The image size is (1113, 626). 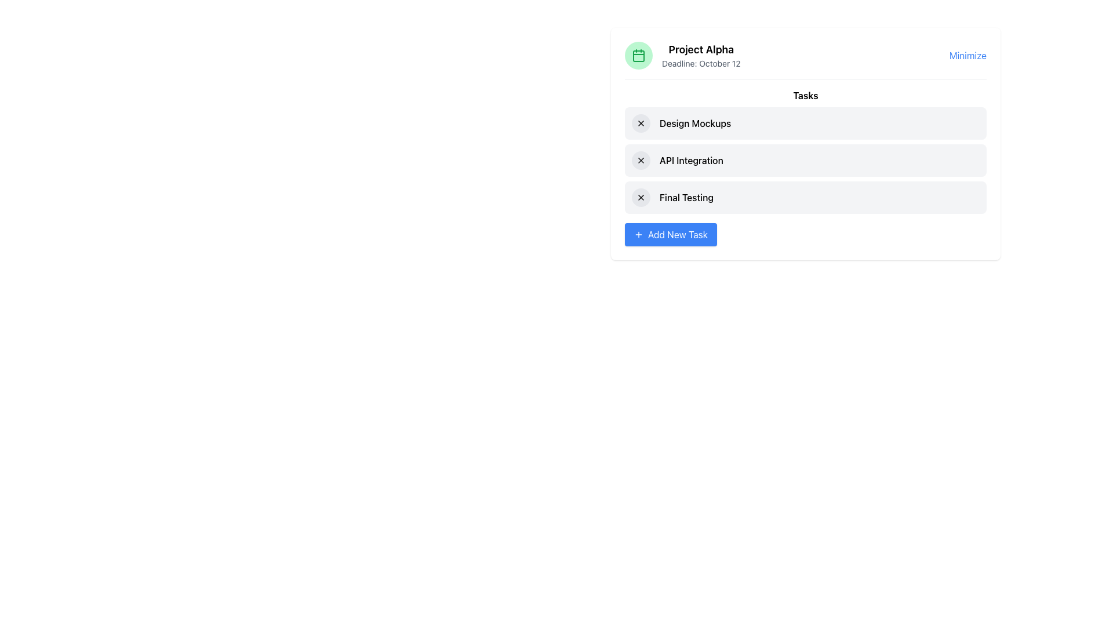 I want to click on the 'Project Alpha' text and calendar icon element, which features prominently styled text and a circular green calendar icon, located at the top left of the section, so click(x=682, y=56).